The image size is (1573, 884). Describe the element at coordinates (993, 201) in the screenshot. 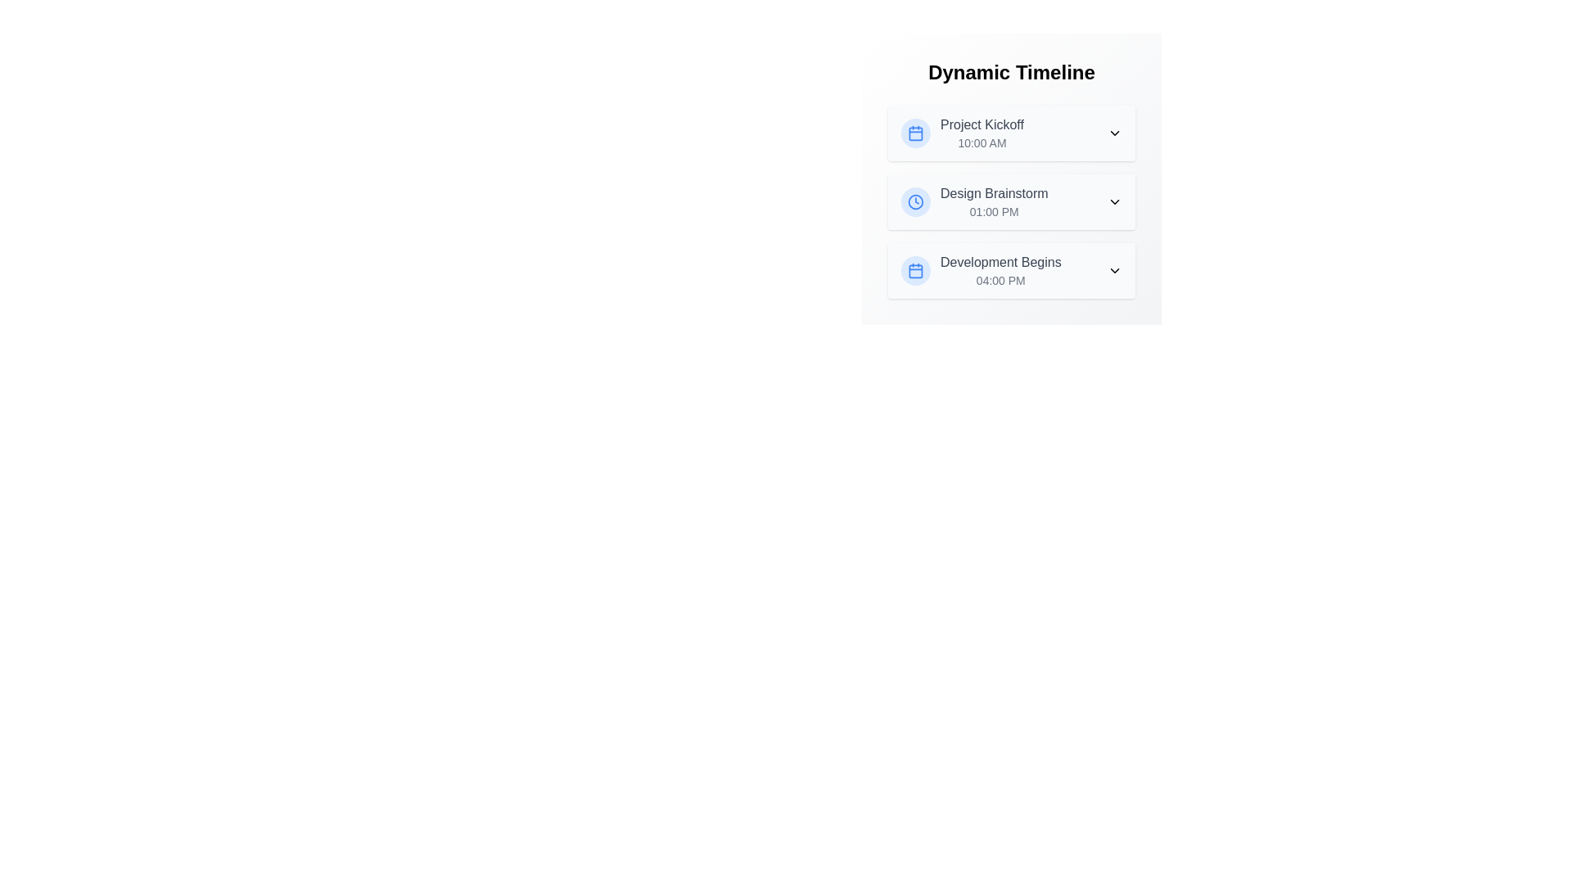

I see `the text label representing the event 'Design Brainstorm' in the timeline, which is positioned between 'Project Kickoff' and 'Development Begins'` at that location.